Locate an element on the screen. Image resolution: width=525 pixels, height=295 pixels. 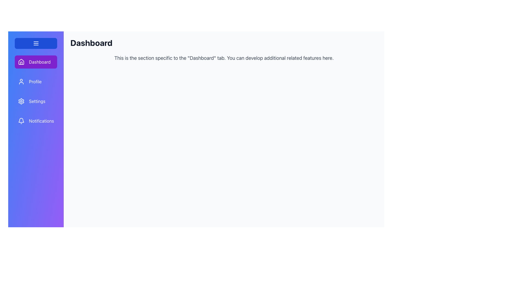
the cogwheel-shaped settings icon located in the left vertical navigation bar, which is the third option from the top is located at coordinates (21, 101).